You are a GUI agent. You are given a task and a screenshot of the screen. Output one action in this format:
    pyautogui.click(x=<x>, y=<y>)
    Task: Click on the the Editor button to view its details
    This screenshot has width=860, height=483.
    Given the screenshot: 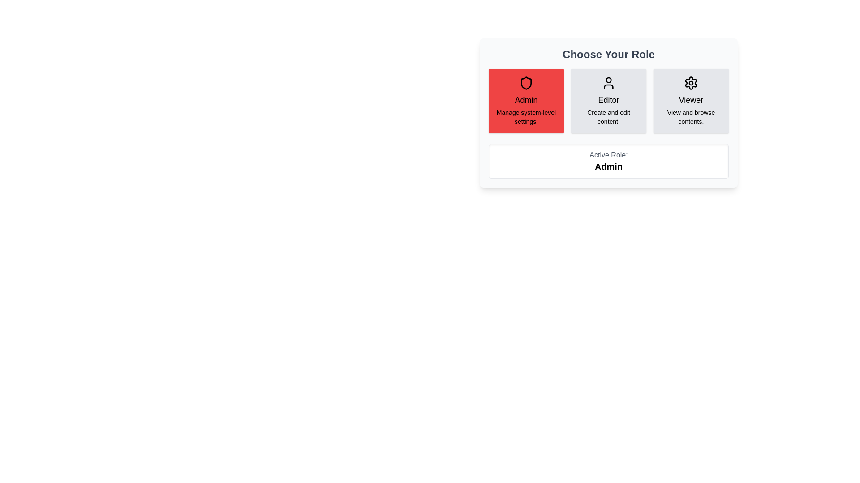 What is the action you would take?
    pyautogui.click(x=608, y=101)
    